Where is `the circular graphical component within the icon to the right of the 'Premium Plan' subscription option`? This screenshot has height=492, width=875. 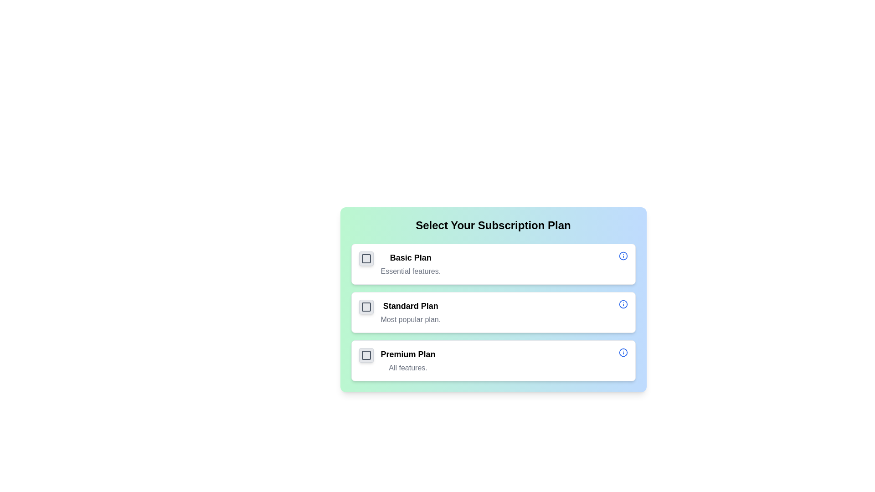
the circular graphical component within the icon to the right of the 'Premium Plan' subscription option is located at coordinates (623, 352).